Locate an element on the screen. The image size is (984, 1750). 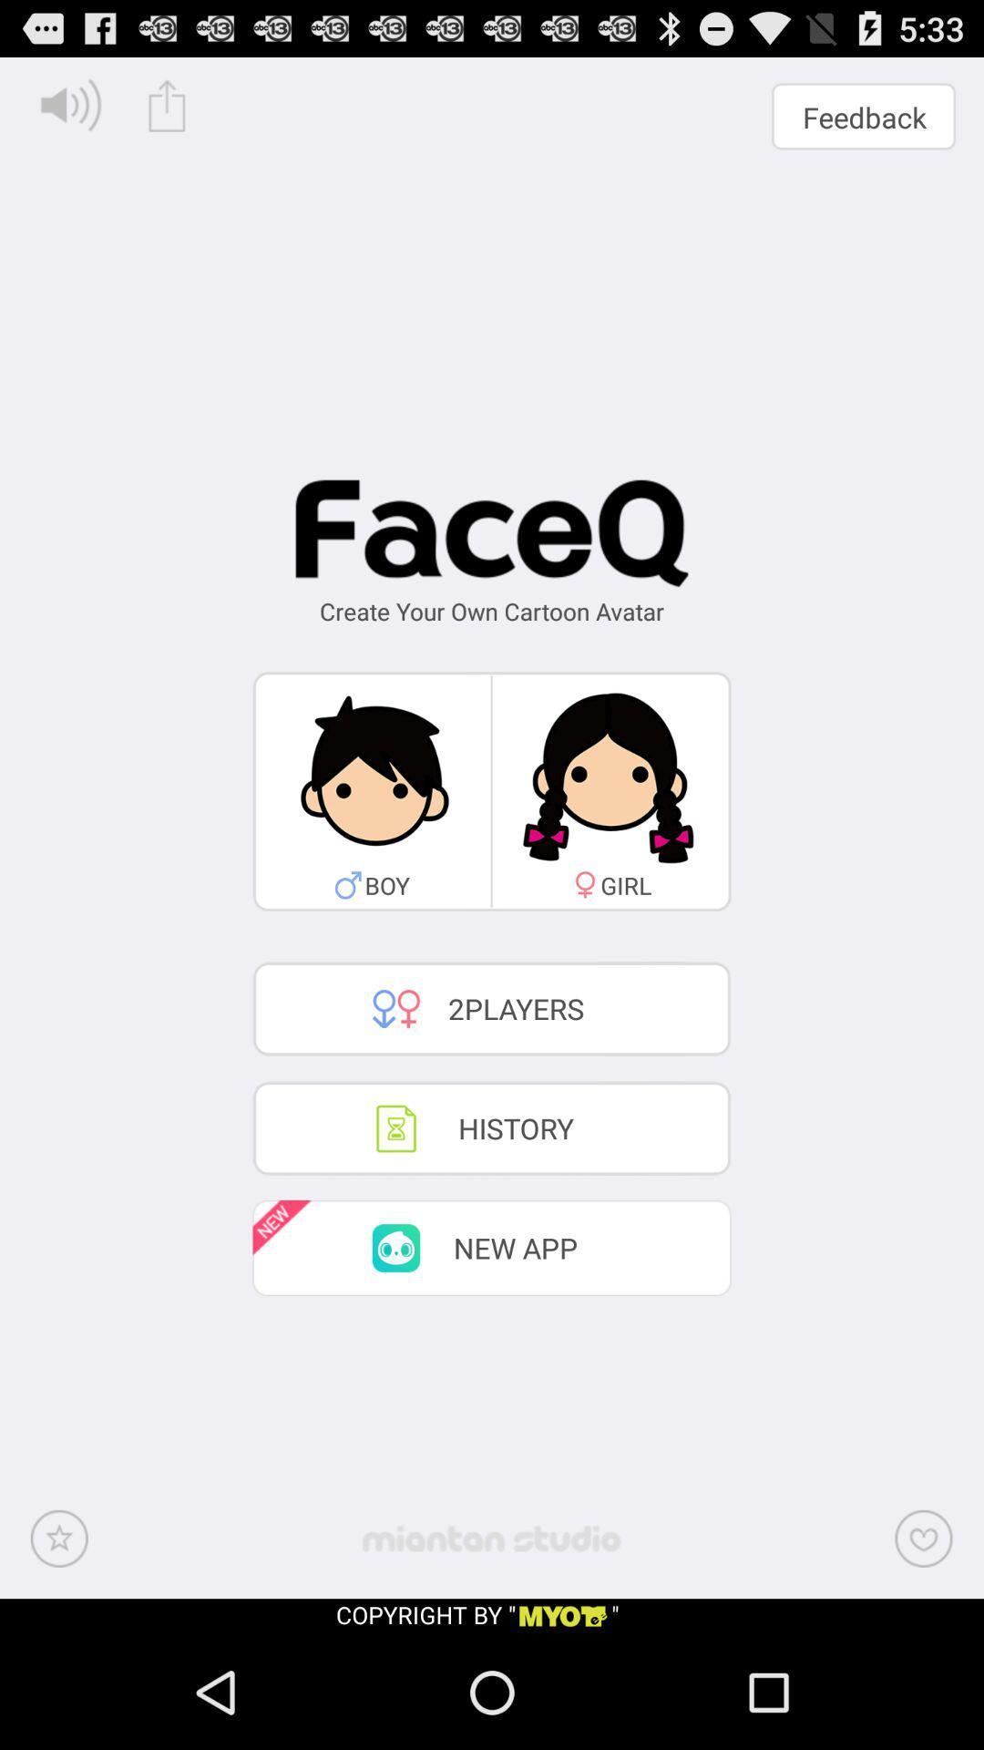
the second image which is below the text faceq is located at coordinates (611, 791).